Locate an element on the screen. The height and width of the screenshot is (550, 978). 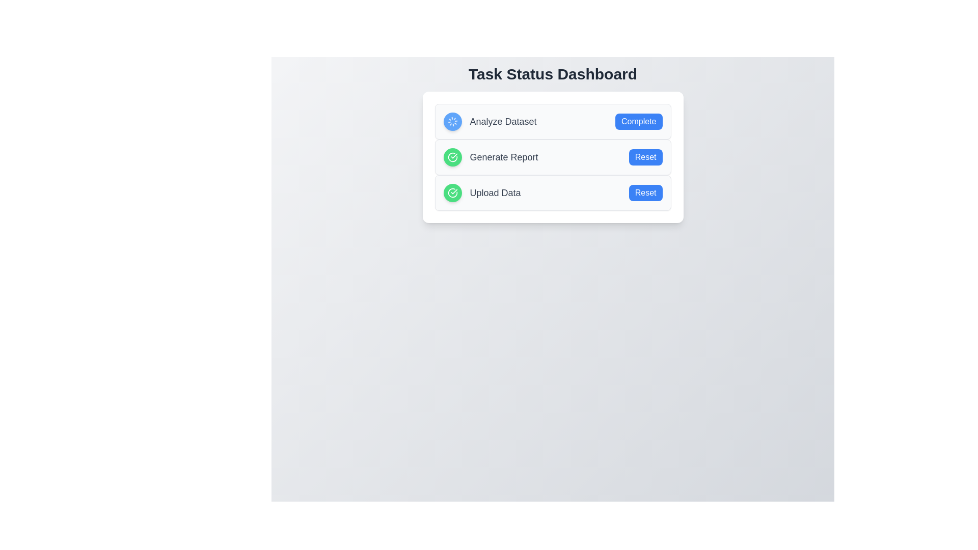
the circular green icon with a white check mark in its center, located in the second row of the task status list is located at coordinates (452, 193).